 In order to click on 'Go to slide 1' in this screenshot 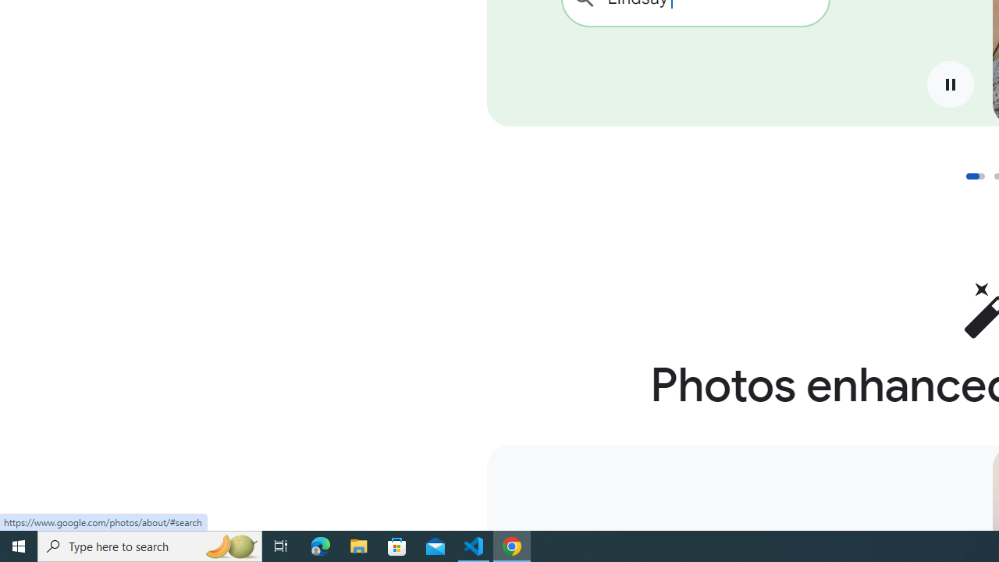, I will do `click(974, 176)`.